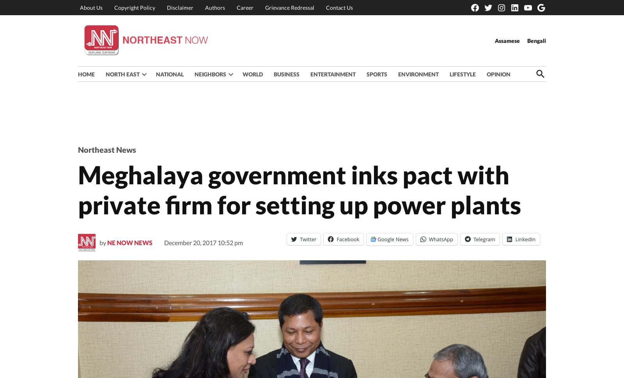 The height and width of the screenshot is (378, 624). What do you see at coordinates (536, 40) in the screenshot?
I see `'Bengali'` at bounding box center [536, 40].